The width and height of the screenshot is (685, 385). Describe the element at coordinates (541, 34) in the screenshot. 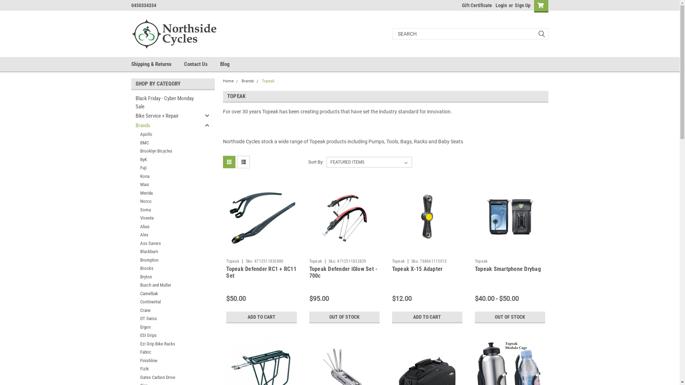

I see `'submit'` at that location.